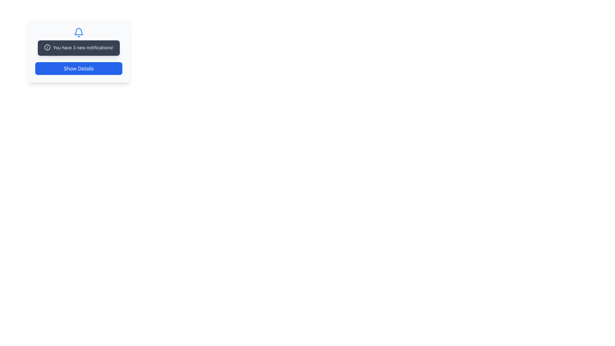 The image size is (615, 346). I want to click on the notification message displaying 'You have 3 new notifications!' which is styled in a dark rectangular box with rounded corners, located below the blue bell icon, so click(78, 51).